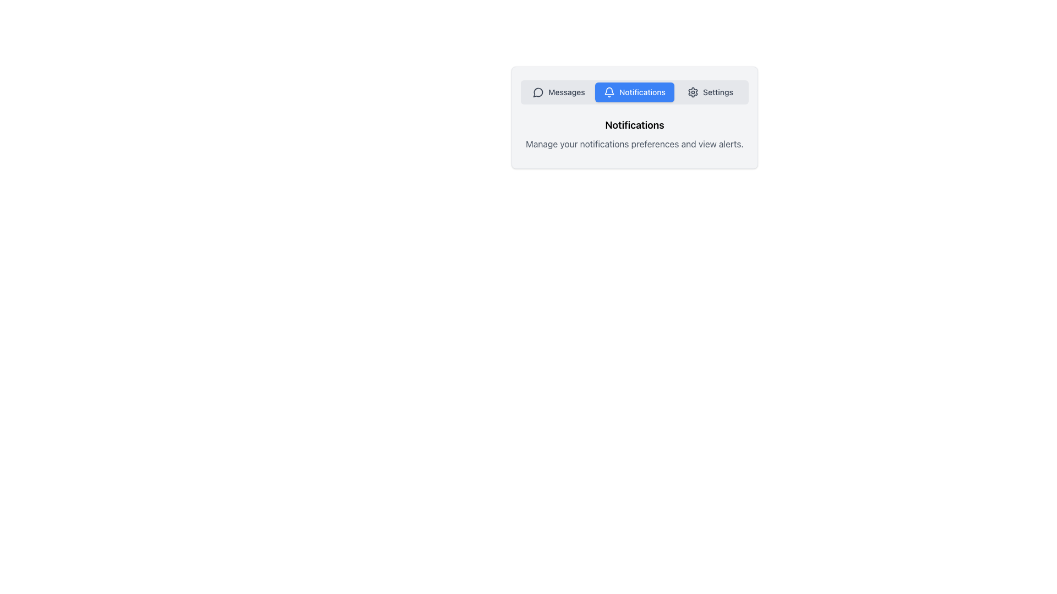 Image resolution: width=1057 pixels, height=594 pixels. Describe the element at coordinates (538, 92) in the screenshot. I see `speech bubble icon located in the notification settings interface, which is visually represented as a hollow outlined shape with a tail-like design` at that location.